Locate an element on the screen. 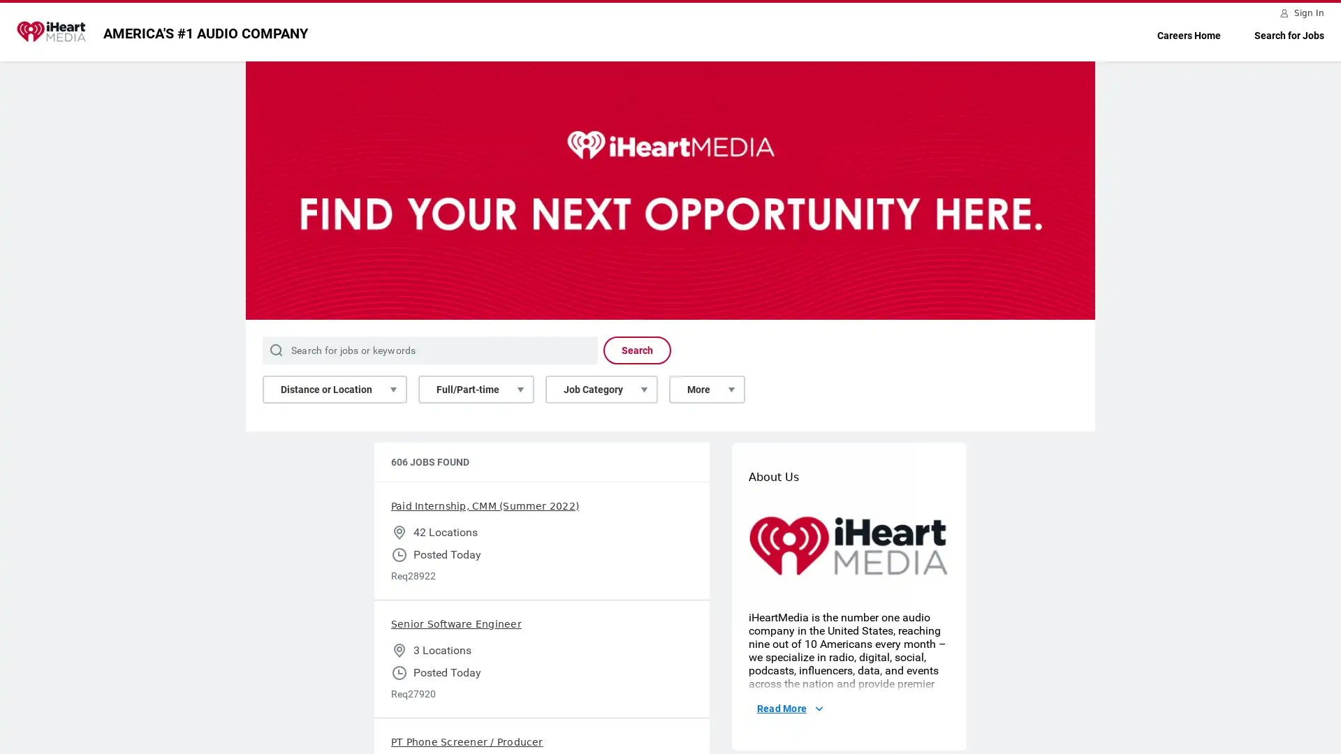 This screenshot has width=1341, height=754. Read More About Us is located at coordinates (789, 708).